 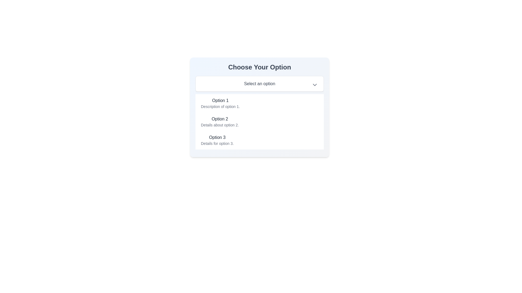 I want to click on the third selectable option in the list located below the 'Choose Your Option' dropdown menu, so click(x=259, y=140).